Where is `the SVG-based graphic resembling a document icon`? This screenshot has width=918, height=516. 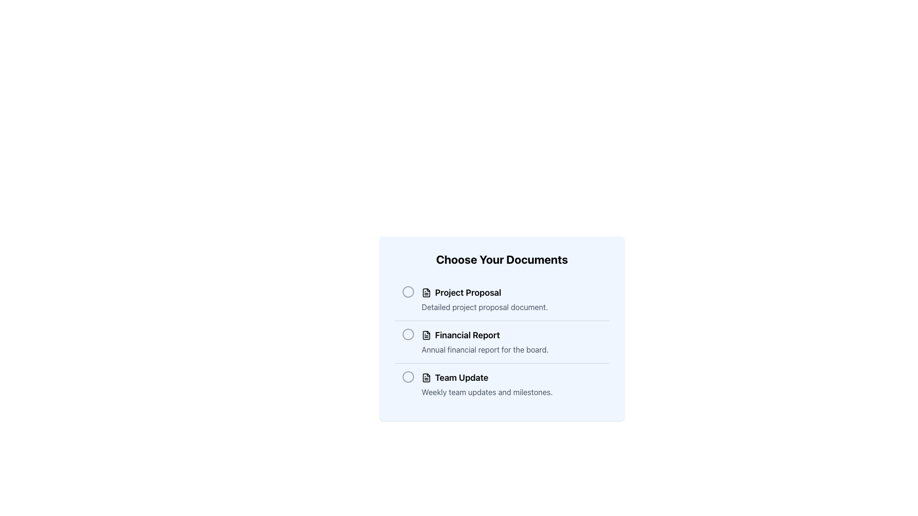
the SVG-based graphic resembling a document icon is located at coordinates (426, 335).